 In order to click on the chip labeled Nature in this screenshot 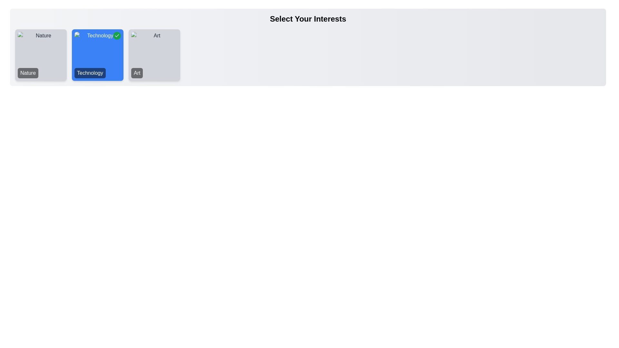, I will do `click(40, 54)`.